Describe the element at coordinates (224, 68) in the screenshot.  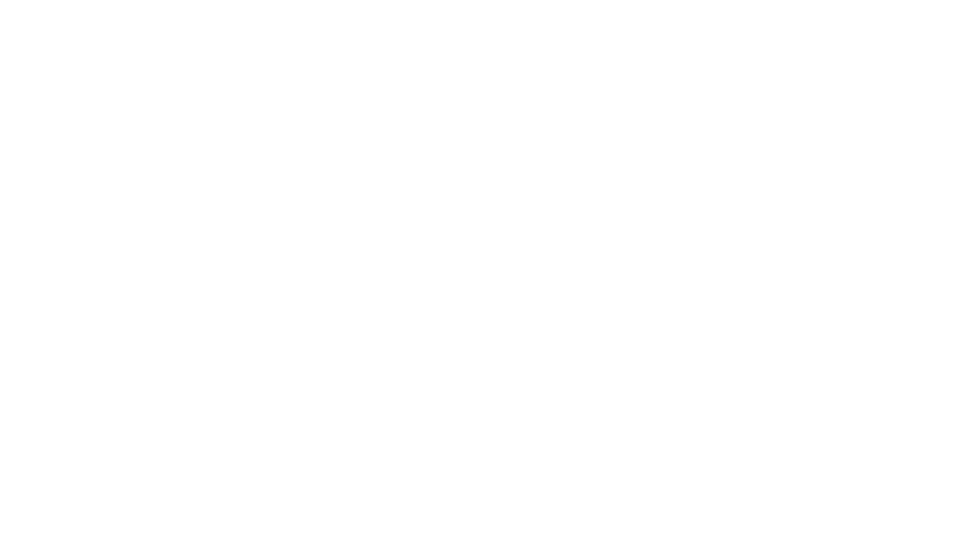
I see `'Posted: Aug 06, 2018 12:24 PM MDT'` at that location.